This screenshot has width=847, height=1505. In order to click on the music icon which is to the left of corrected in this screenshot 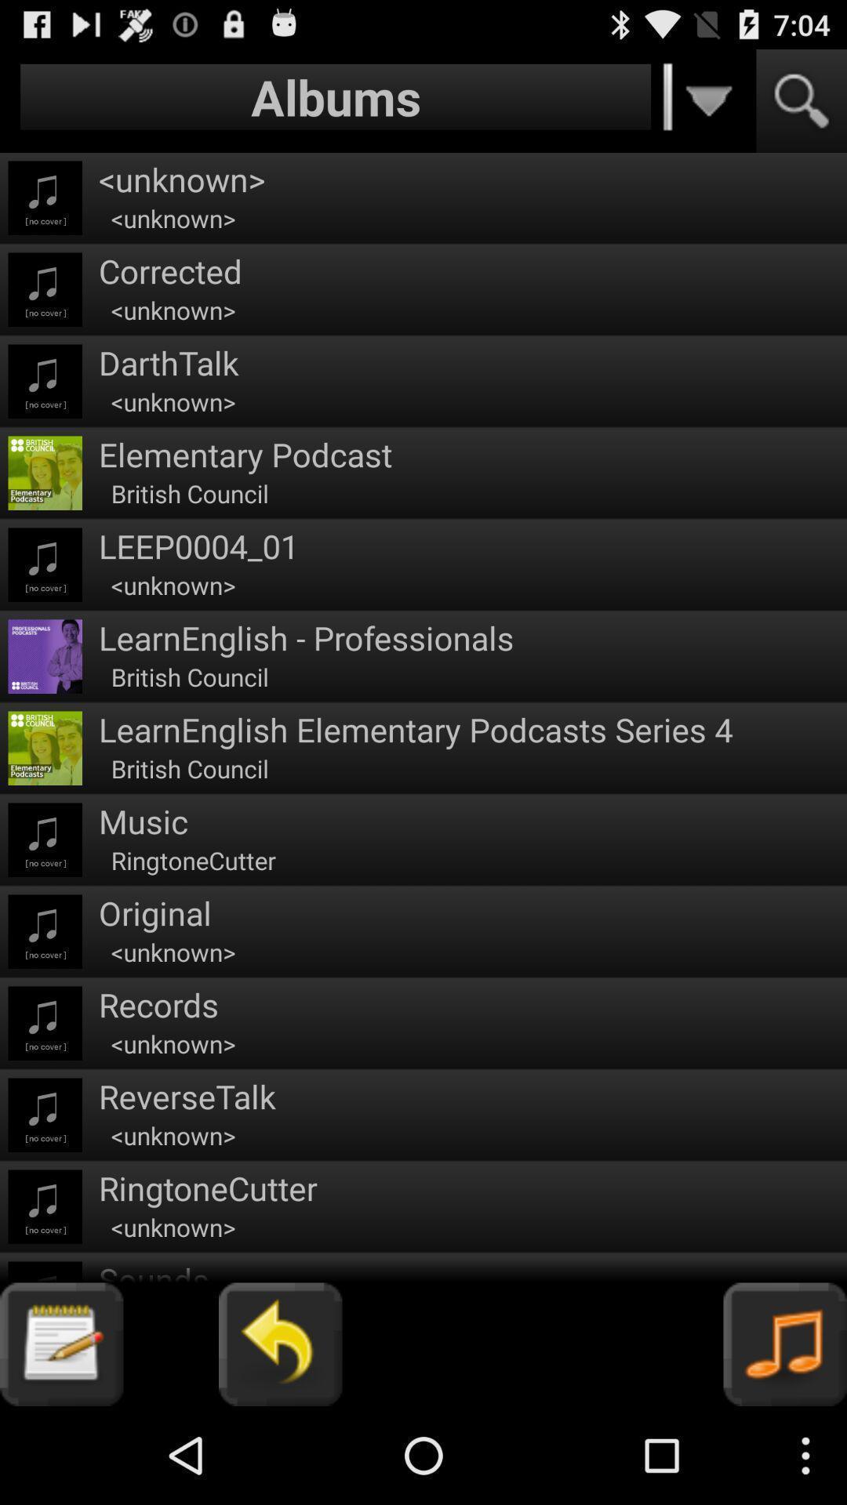, I will do `click(44, 289)`.